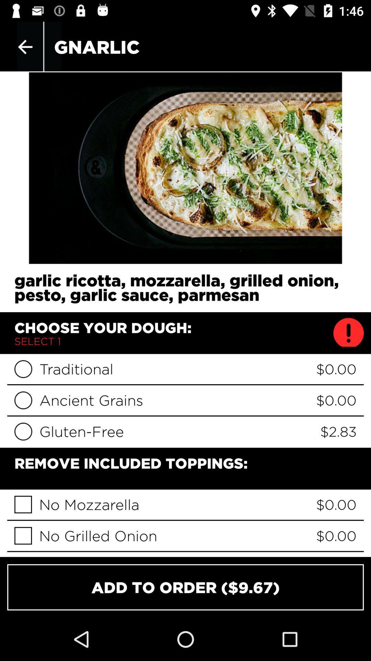 This screenshot has width=371, height=661. I want to click on topping no grilled onion, so click(23, 535).